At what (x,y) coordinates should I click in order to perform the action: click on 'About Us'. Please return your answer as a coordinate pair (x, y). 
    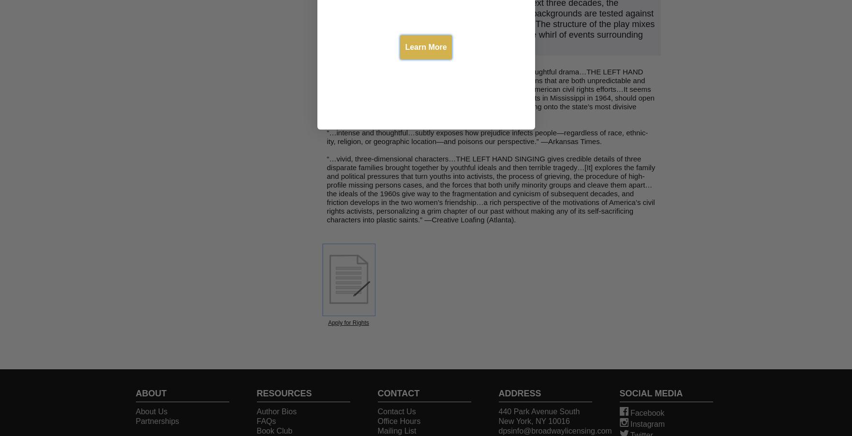
    Looking at the image, I should click on (135, 411).